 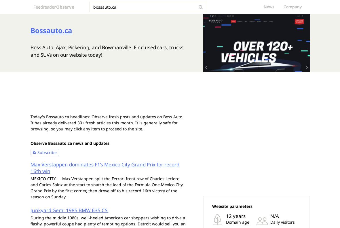 What do you see at coordinates (69, 143) in the screenshot?
I see `'Observe Bossauto.ca news and updates'` at bounding box center [69, 143].